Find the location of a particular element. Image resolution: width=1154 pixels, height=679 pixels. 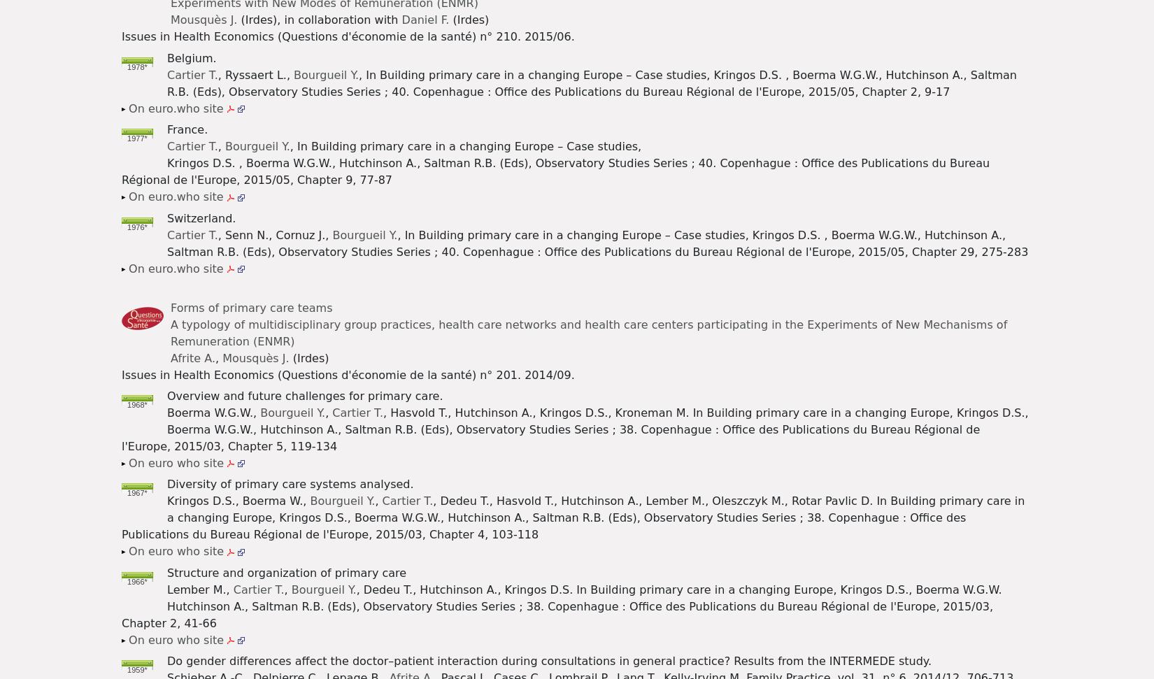

'Or Z.' is located at coordinates (481, 87).